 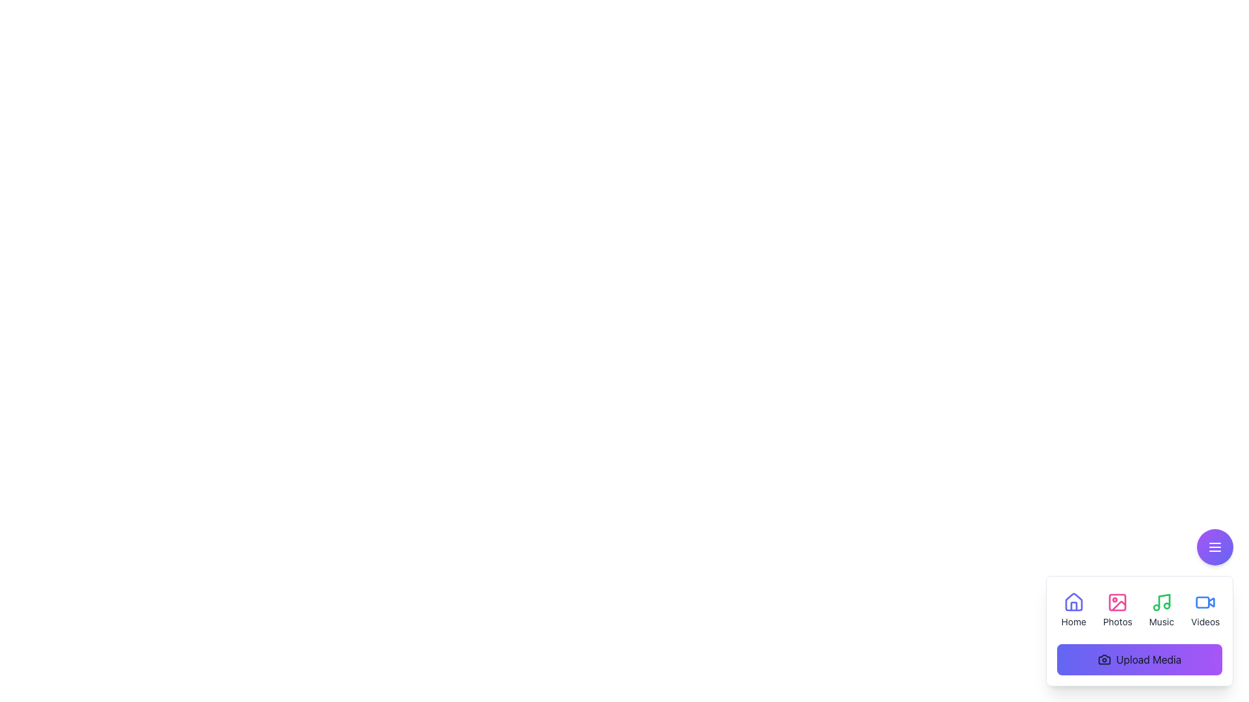 What do you see at coordinates (1117, 602) in the screenshot?
I see `the SVG rectangle representing a part of the image icon located in the lower right corner of the interface, adjacent to the 'Photos' tab` at bounding box center [1117, 602].